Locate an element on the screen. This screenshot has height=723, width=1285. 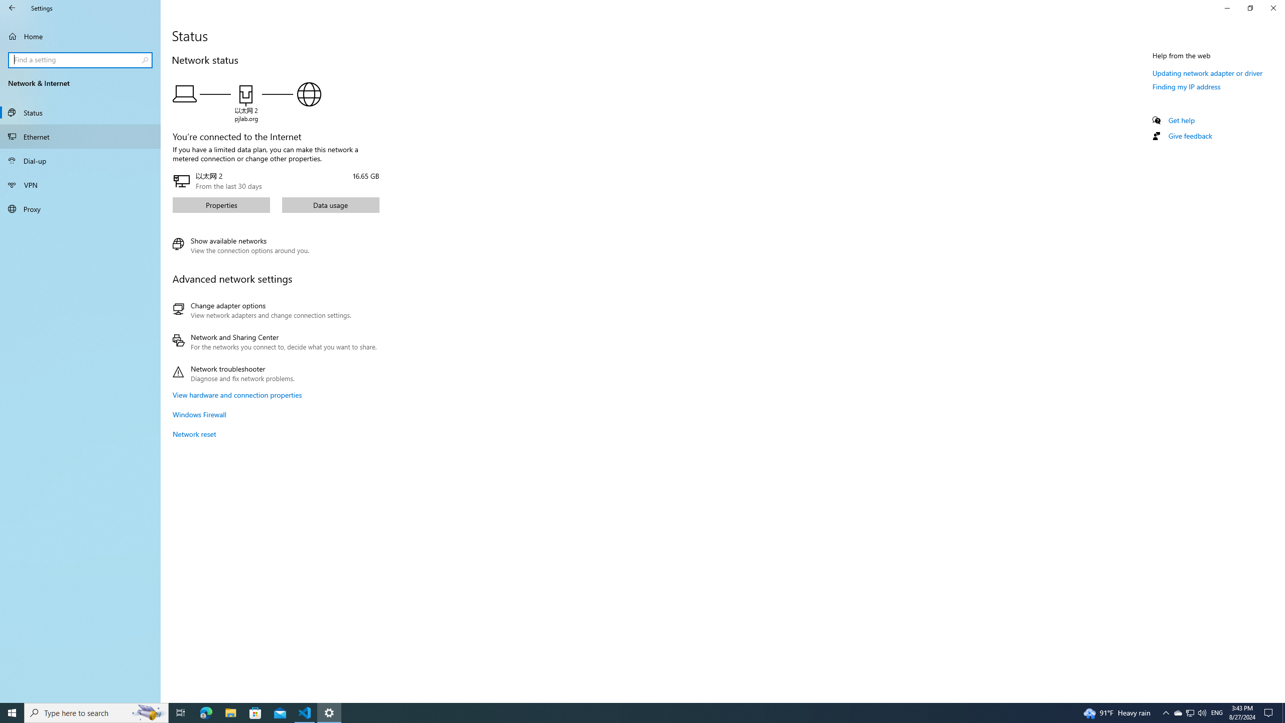
'Running applications' is located at coordinates (623, 712).